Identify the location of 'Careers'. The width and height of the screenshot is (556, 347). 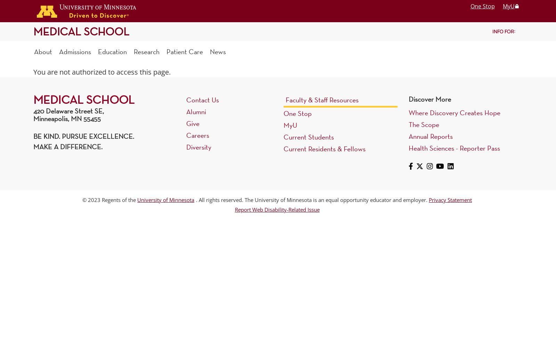
(186, 135).